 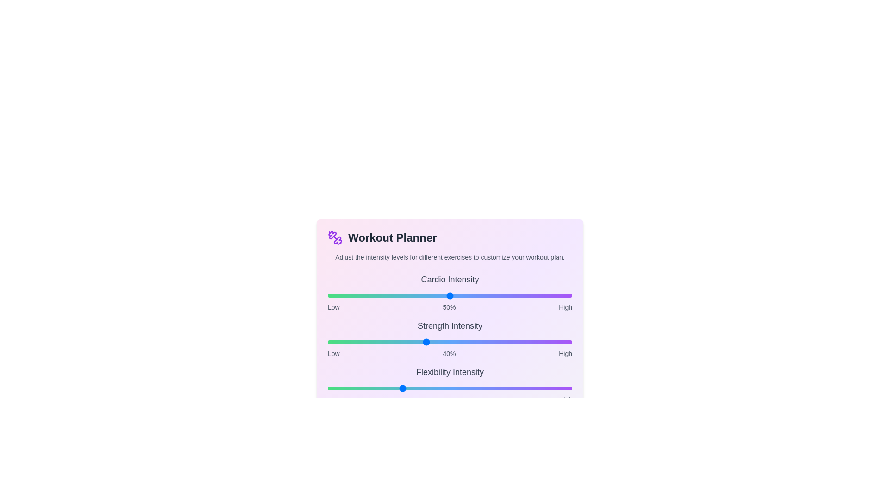 I want to click on the intensity of the 1 slider to 96%, so click(x=562, y=342).